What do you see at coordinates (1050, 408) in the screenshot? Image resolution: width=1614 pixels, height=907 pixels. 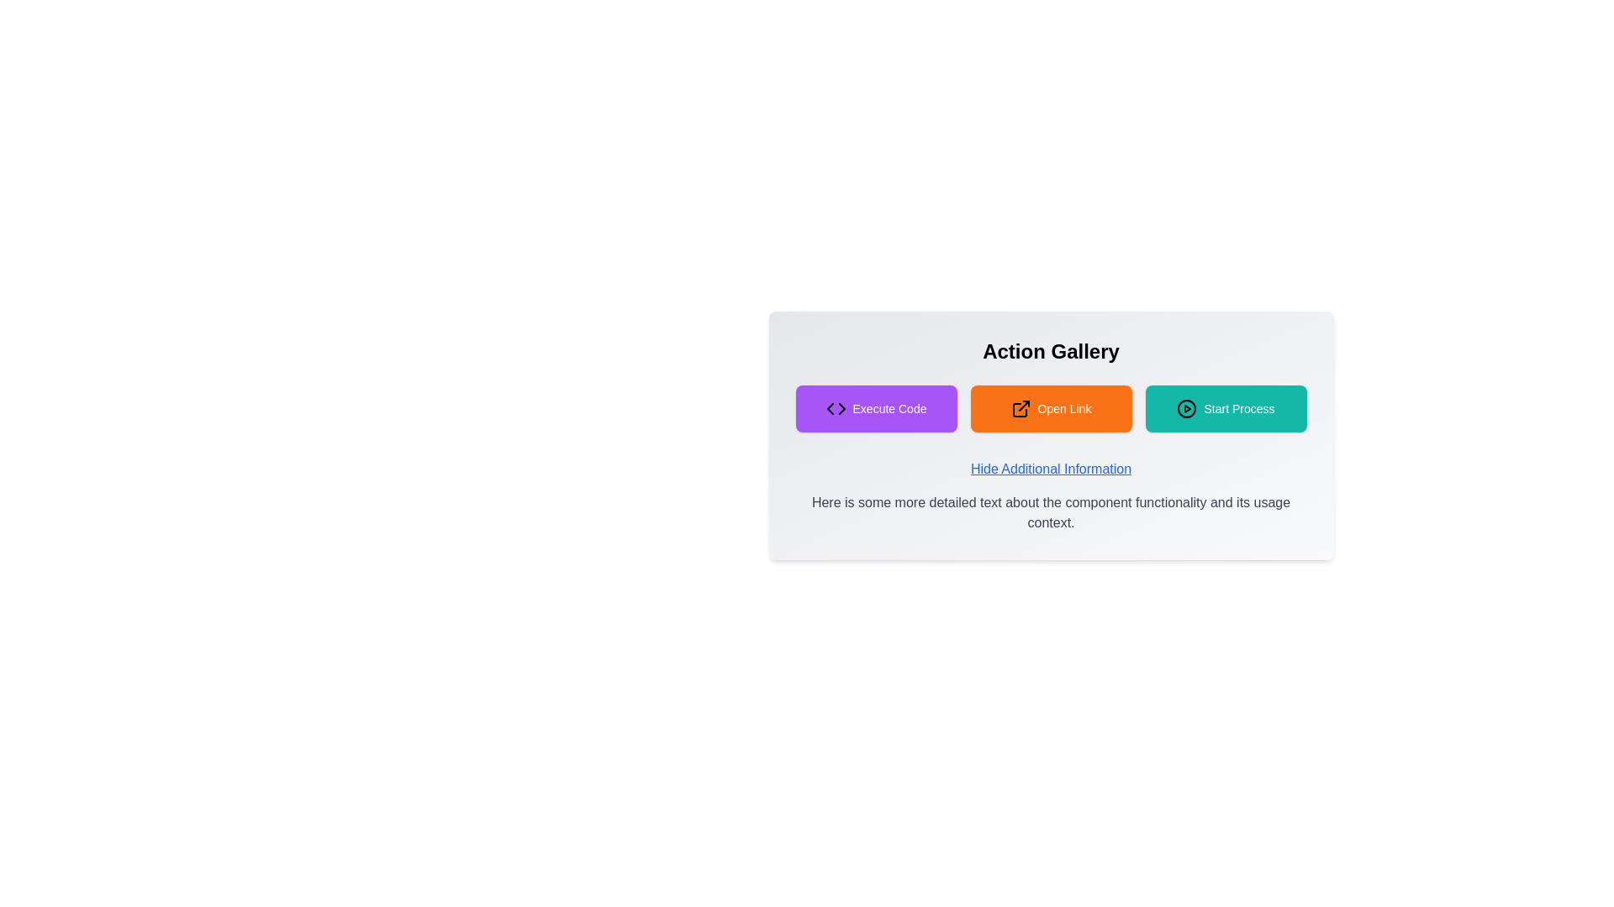 I see `the orange rounded rectangular button labeled 'Open Link' to observe the visual change` at bounding box center [1050, 408].